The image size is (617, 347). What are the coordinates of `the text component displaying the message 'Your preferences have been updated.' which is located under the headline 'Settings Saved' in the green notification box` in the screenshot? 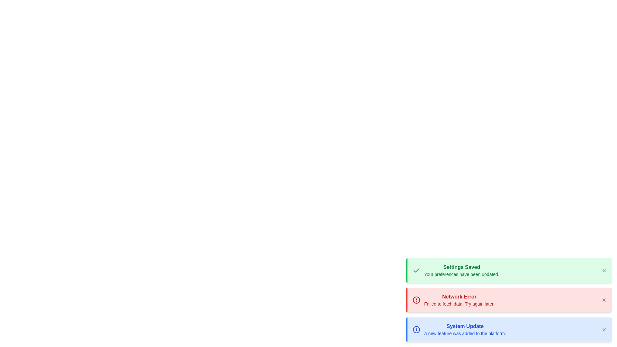 It's located at (461, 274).